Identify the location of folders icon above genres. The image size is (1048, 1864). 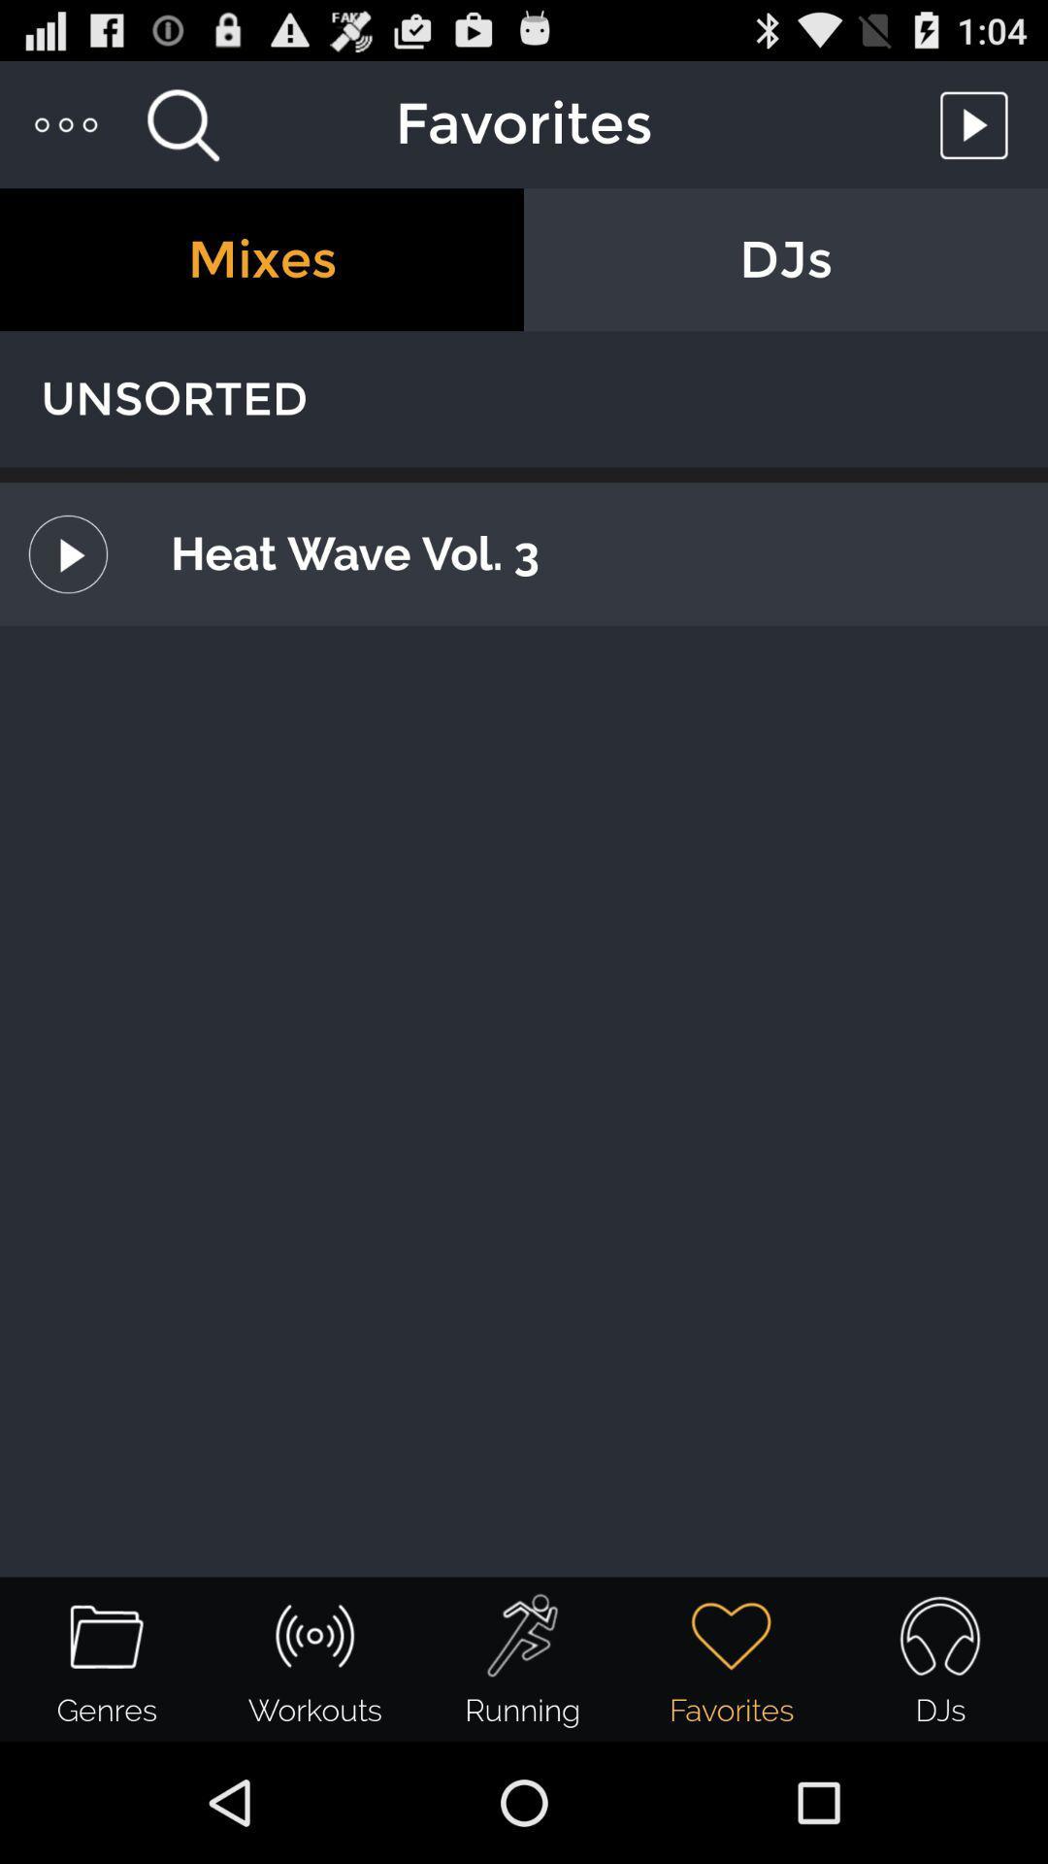
(107, 1635).